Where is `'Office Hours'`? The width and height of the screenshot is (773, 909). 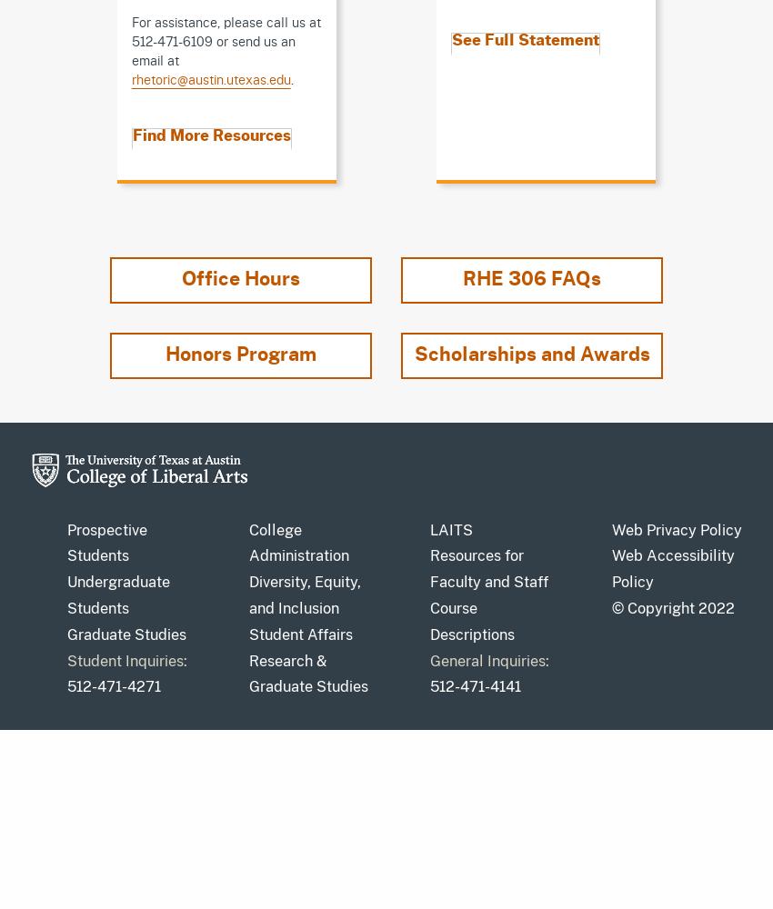 'Office Hours' is located at coordinates (181, 278).